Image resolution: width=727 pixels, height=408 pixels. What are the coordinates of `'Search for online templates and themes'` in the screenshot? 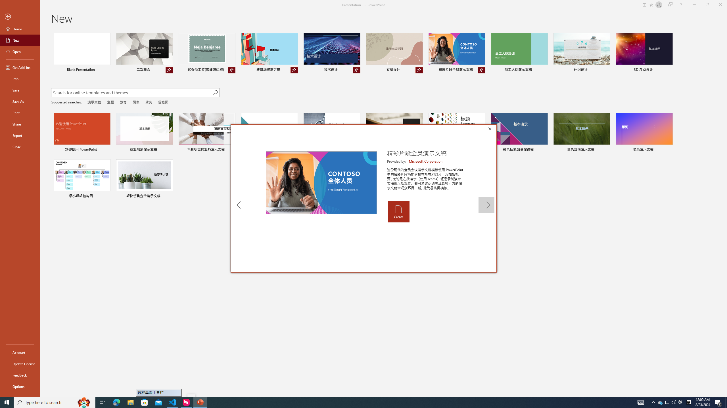 It's located at (132, 93).